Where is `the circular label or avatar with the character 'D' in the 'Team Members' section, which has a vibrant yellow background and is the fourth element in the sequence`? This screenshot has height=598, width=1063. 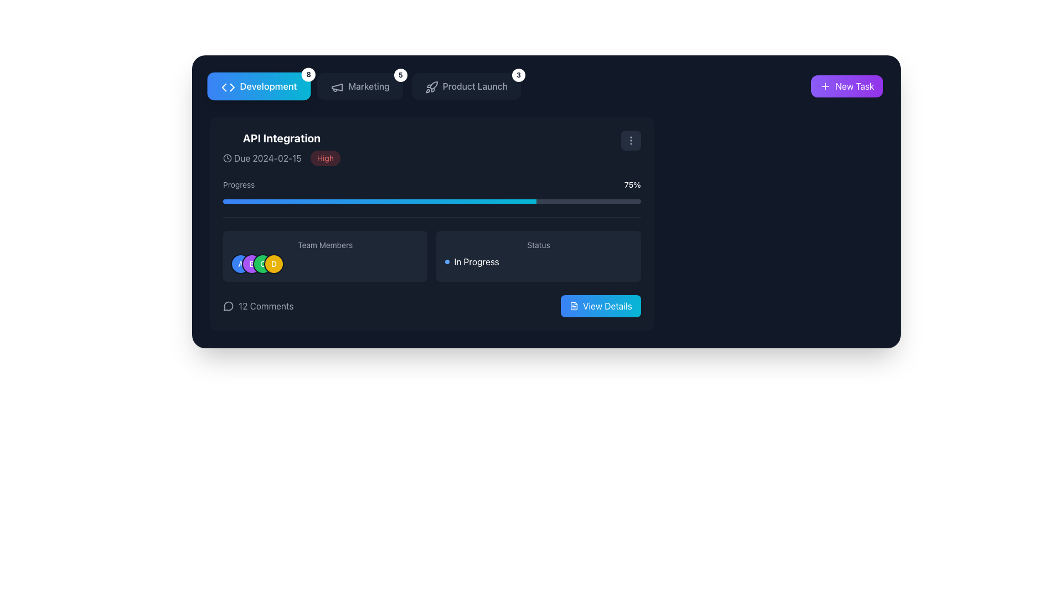
the circular label or avatar with the character 'D' in the 'Team Members' section, which has a vibrant yellow background and is the fourth element in the sequence is located at coordinates (274, 264).